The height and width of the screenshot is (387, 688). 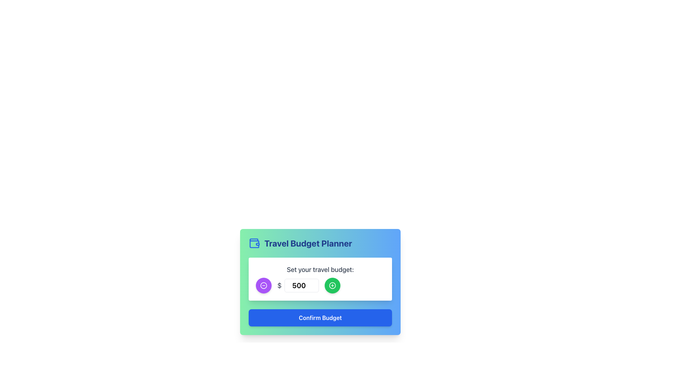 I want to click on the blue wallet icon located to the left of the 'Travel Budget Planner' header section if it is interactive, so click(x=254, y=243).